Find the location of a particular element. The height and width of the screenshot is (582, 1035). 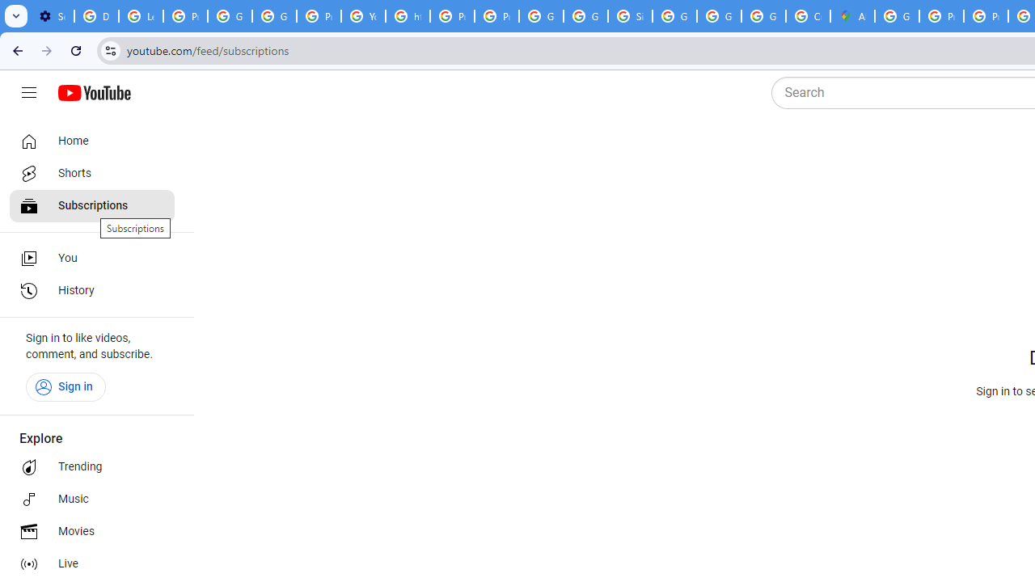

'Home' is located at coordinates (91, 140).